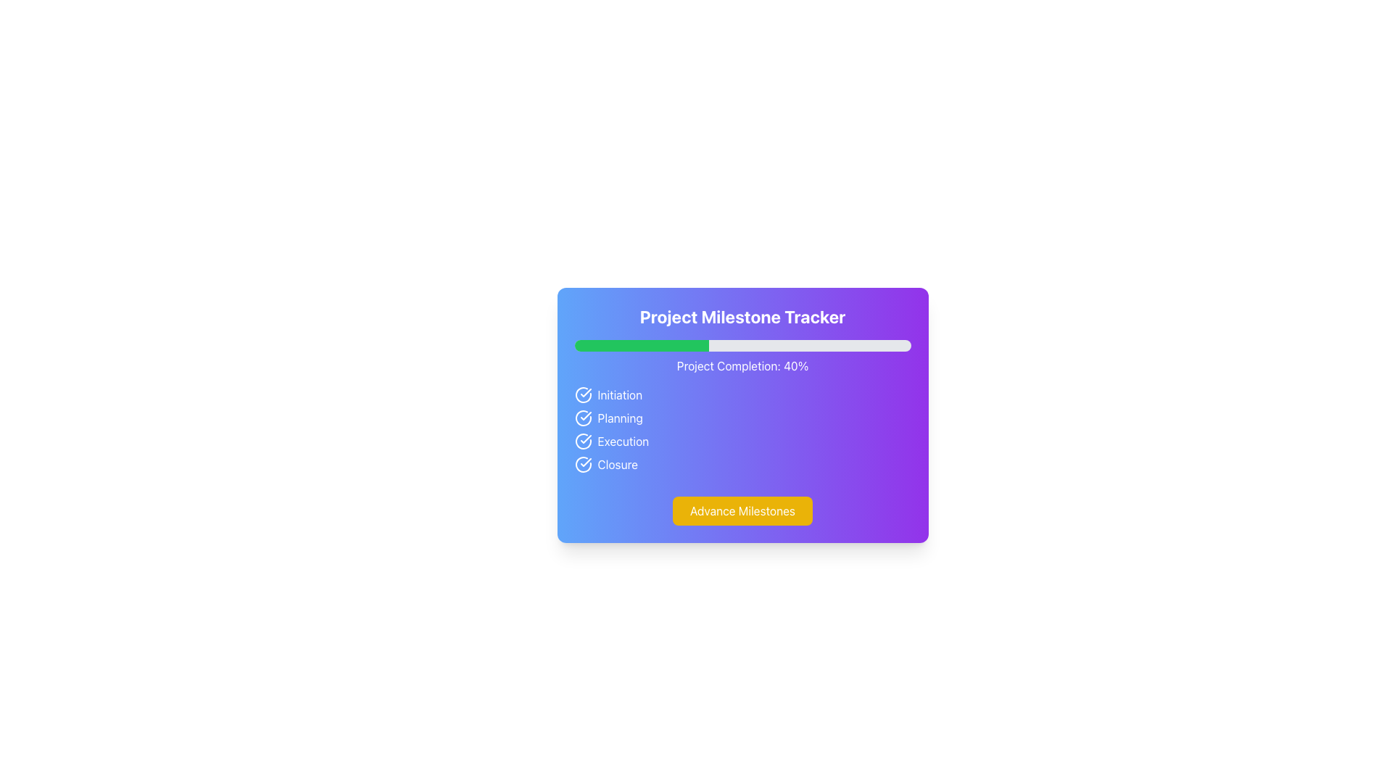 This screenshot has height=783, width=1392. Describe the element at coordinates (742, 415) in the screenshot. I see `the 'Project Milestone Tracker' card to view the progress and milestones displayed within it` at that location.